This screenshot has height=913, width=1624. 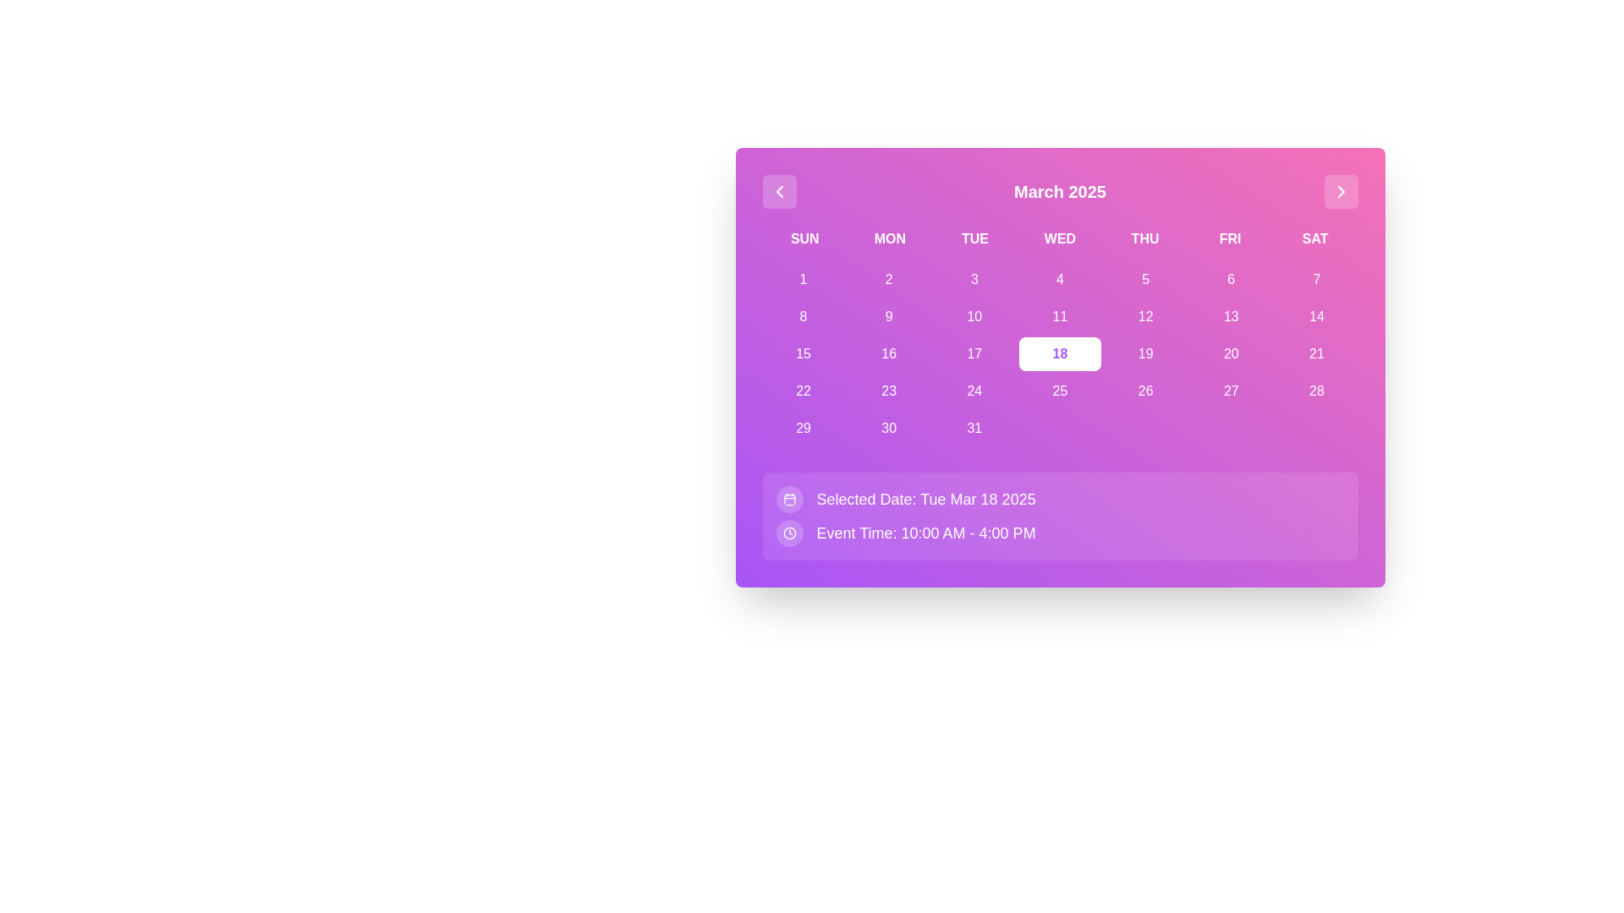 What do you see at coordinates (889, 238) in the screenshot?
I see `the 'MON' text label in the calendar interface, which represents Monday in the row of weekday abbreviations` at bounding box center [889, 238].